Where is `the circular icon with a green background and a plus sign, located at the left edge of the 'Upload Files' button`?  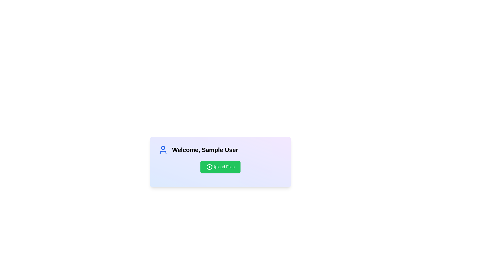
the circular icon with a green background and a plus sign, located at the left edge of the 'Upload Files' button is located at coordinates (209, 167).